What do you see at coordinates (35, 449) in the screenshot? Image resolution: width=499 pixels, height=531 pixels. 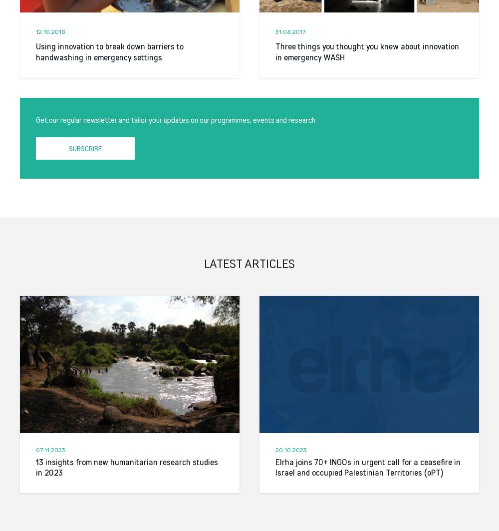 I see `'07.11.2023'` at bounding box center [35, 449].